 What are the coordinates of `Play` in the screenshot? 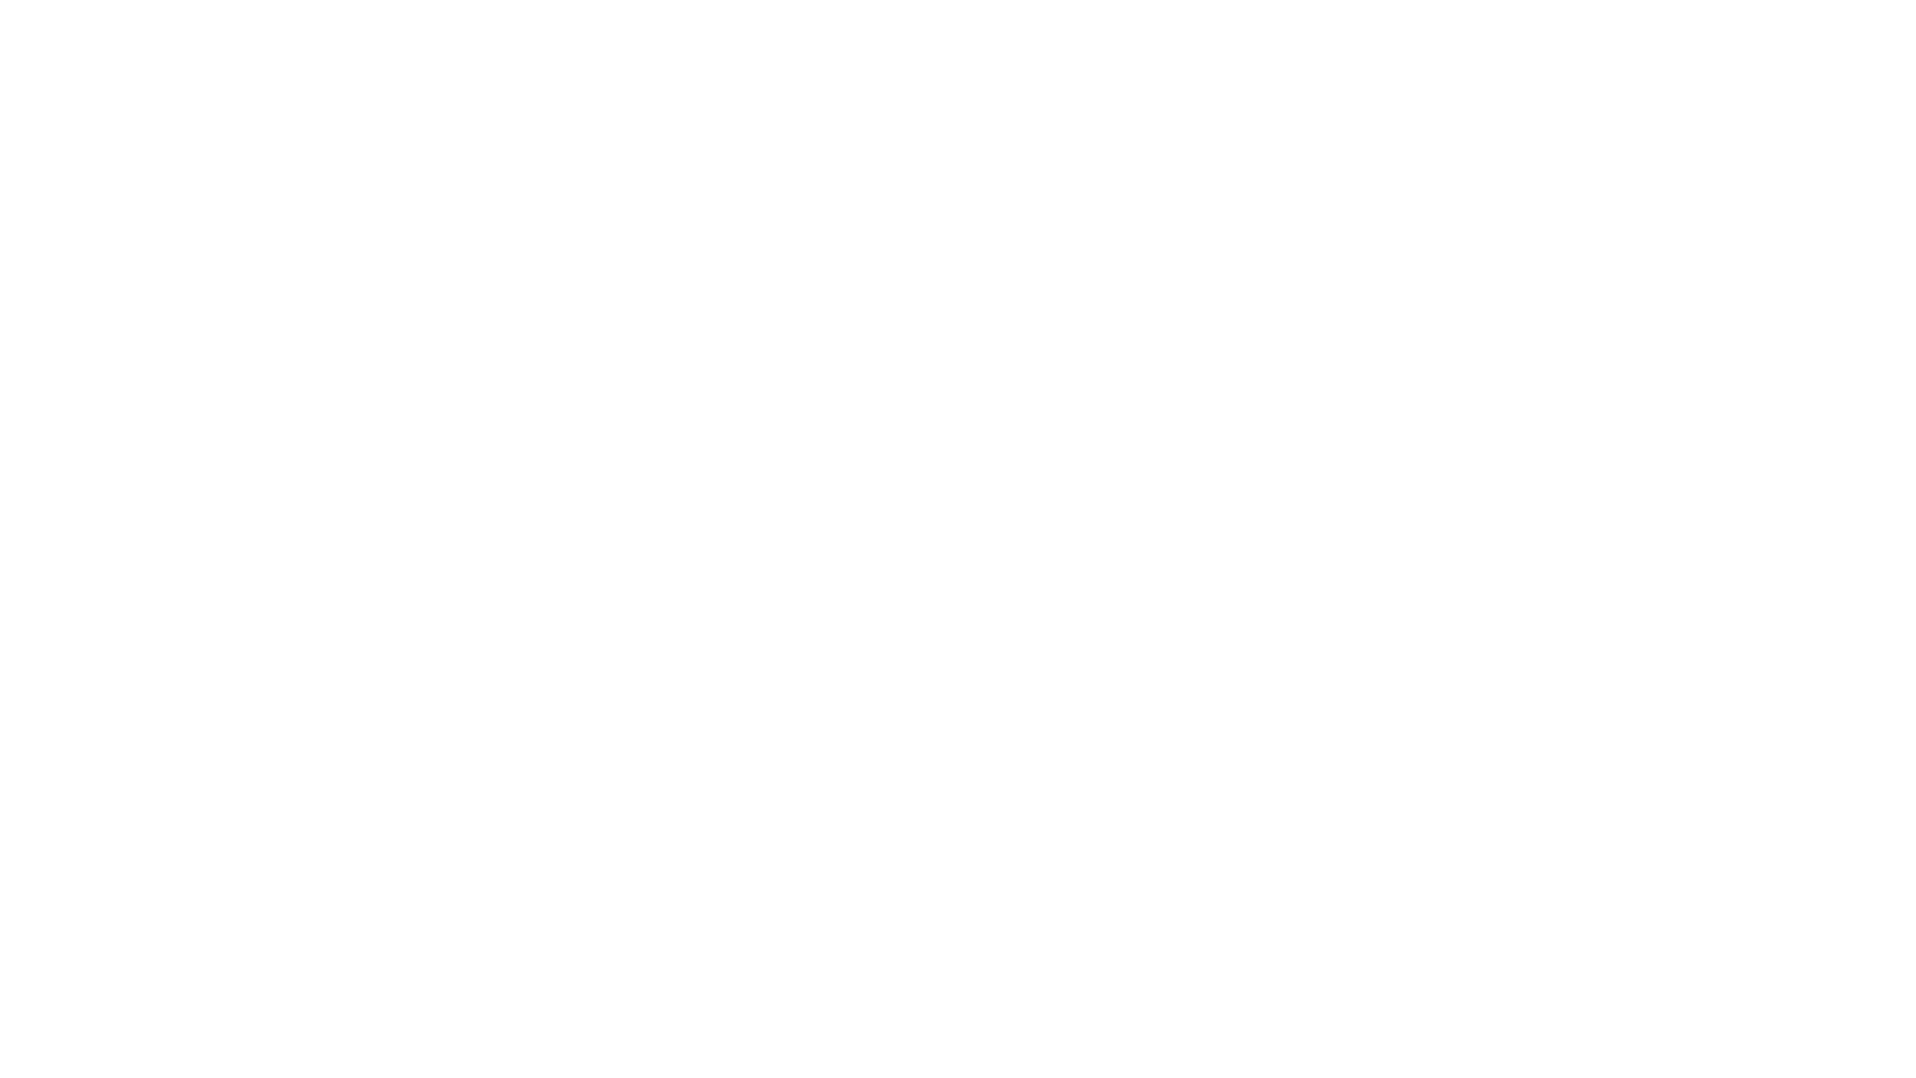 It's located at (1263, 953).